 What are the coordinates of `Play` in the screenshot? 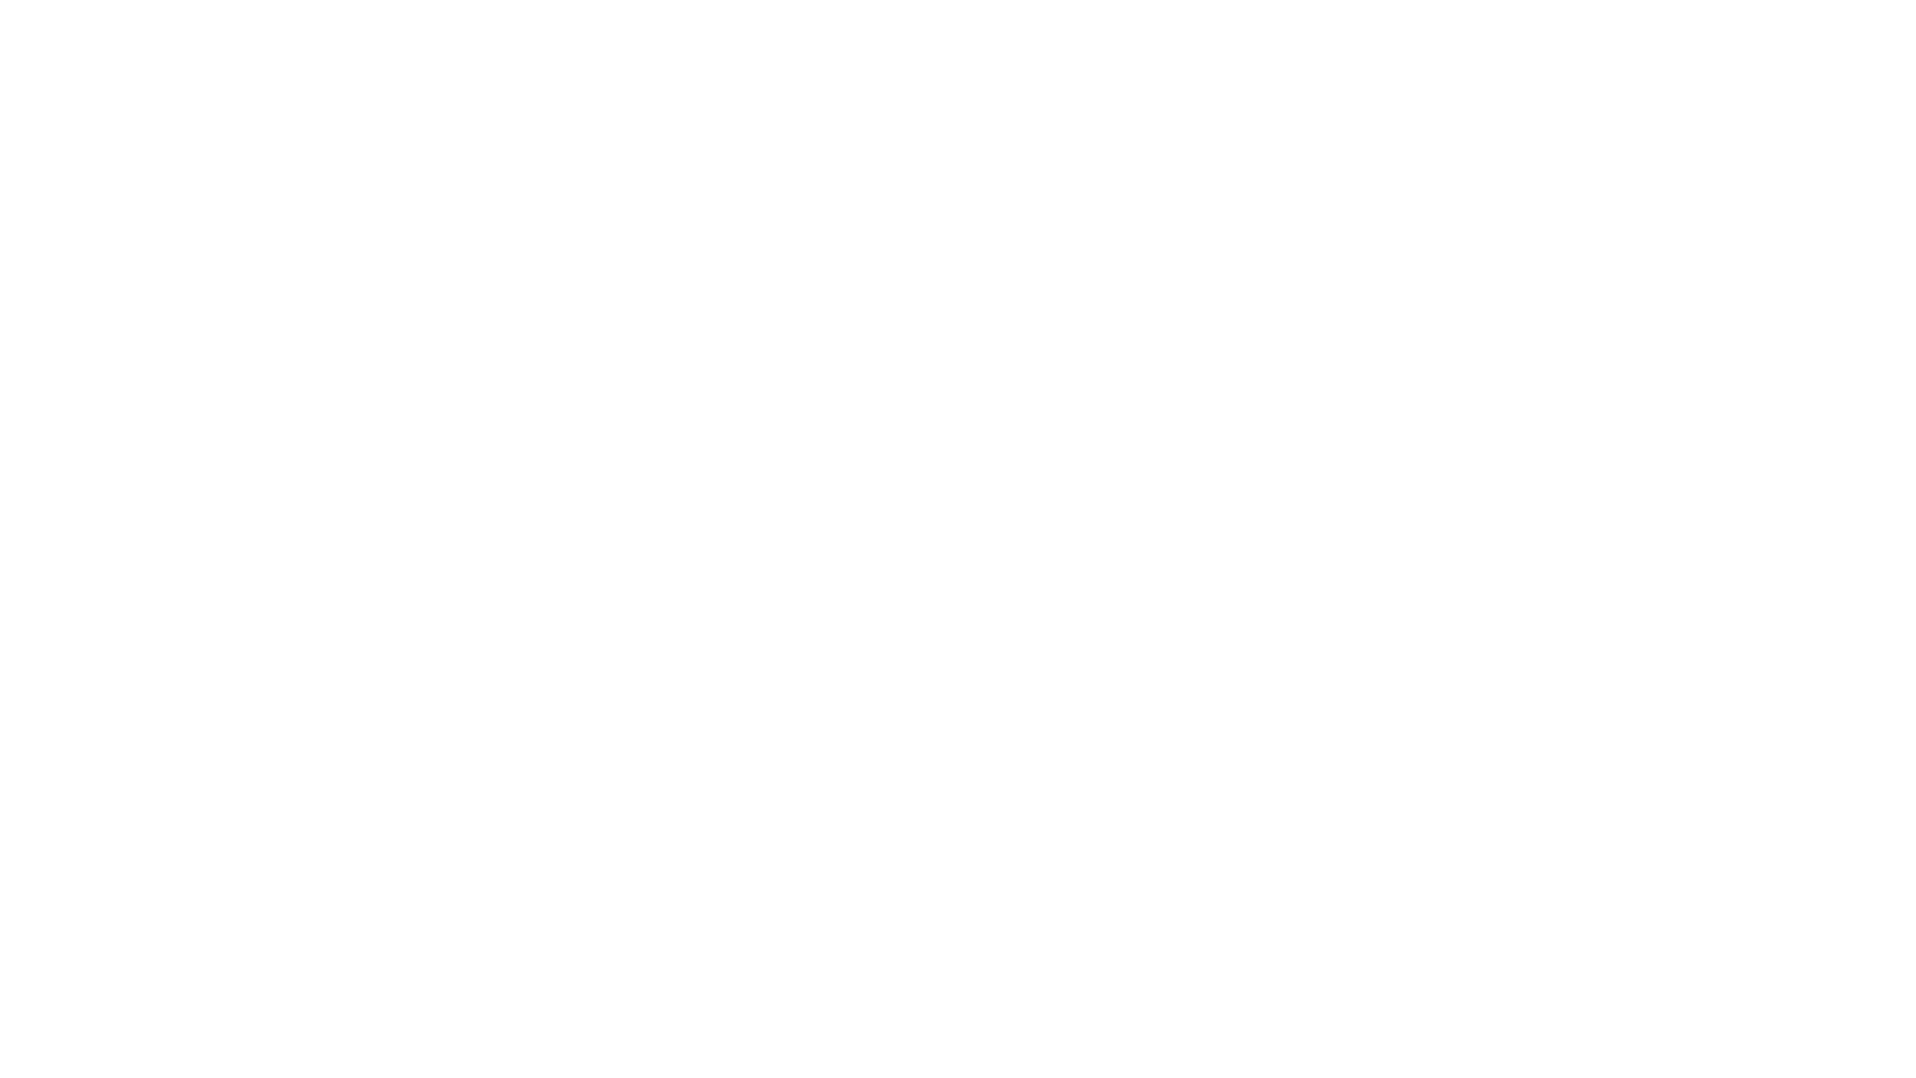 It's located at (1263, 953).